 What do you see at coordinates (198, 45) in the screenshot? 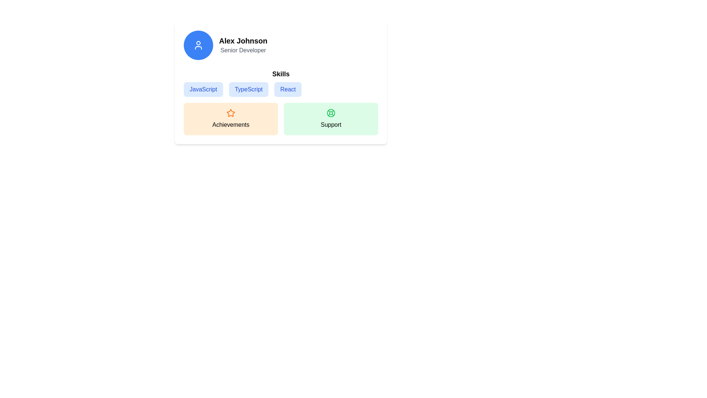
I see `the user icon styled in line art format with rounded features, which is white and enclosed within a blue circular background, to associate it with the user's profile` at bounding box center [198, 45].